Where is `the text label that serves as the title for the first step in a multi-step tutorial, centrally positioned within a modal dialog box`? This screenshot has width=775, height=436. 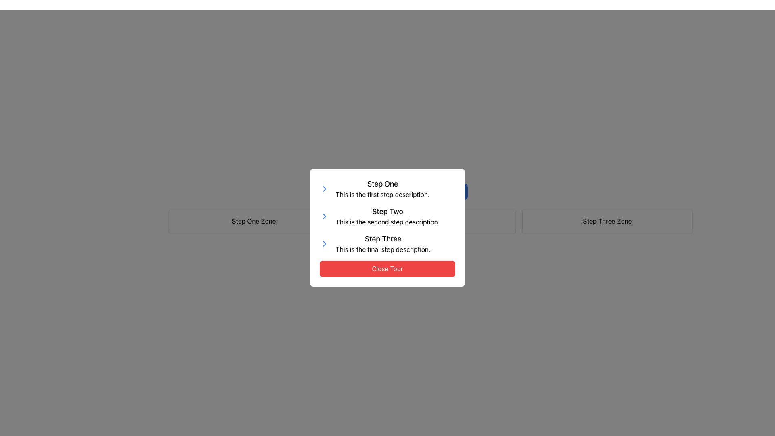 the text label that serves as the title for the first step in a multi-step tutorial, centrally positioned within a modal dialog box is located at coordinates (382, 184).